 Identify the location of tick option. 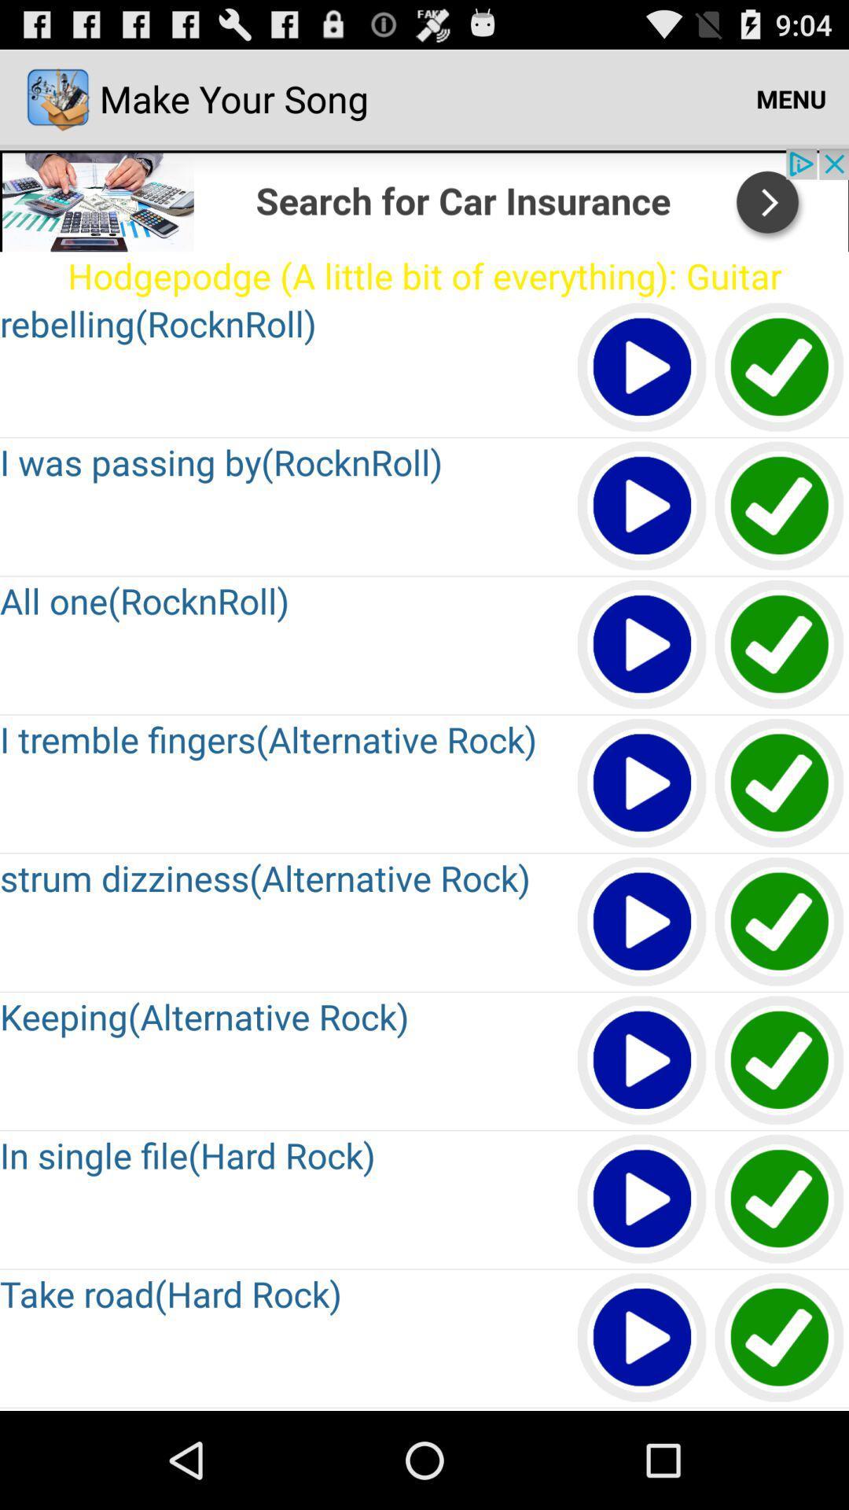
(780, 645).